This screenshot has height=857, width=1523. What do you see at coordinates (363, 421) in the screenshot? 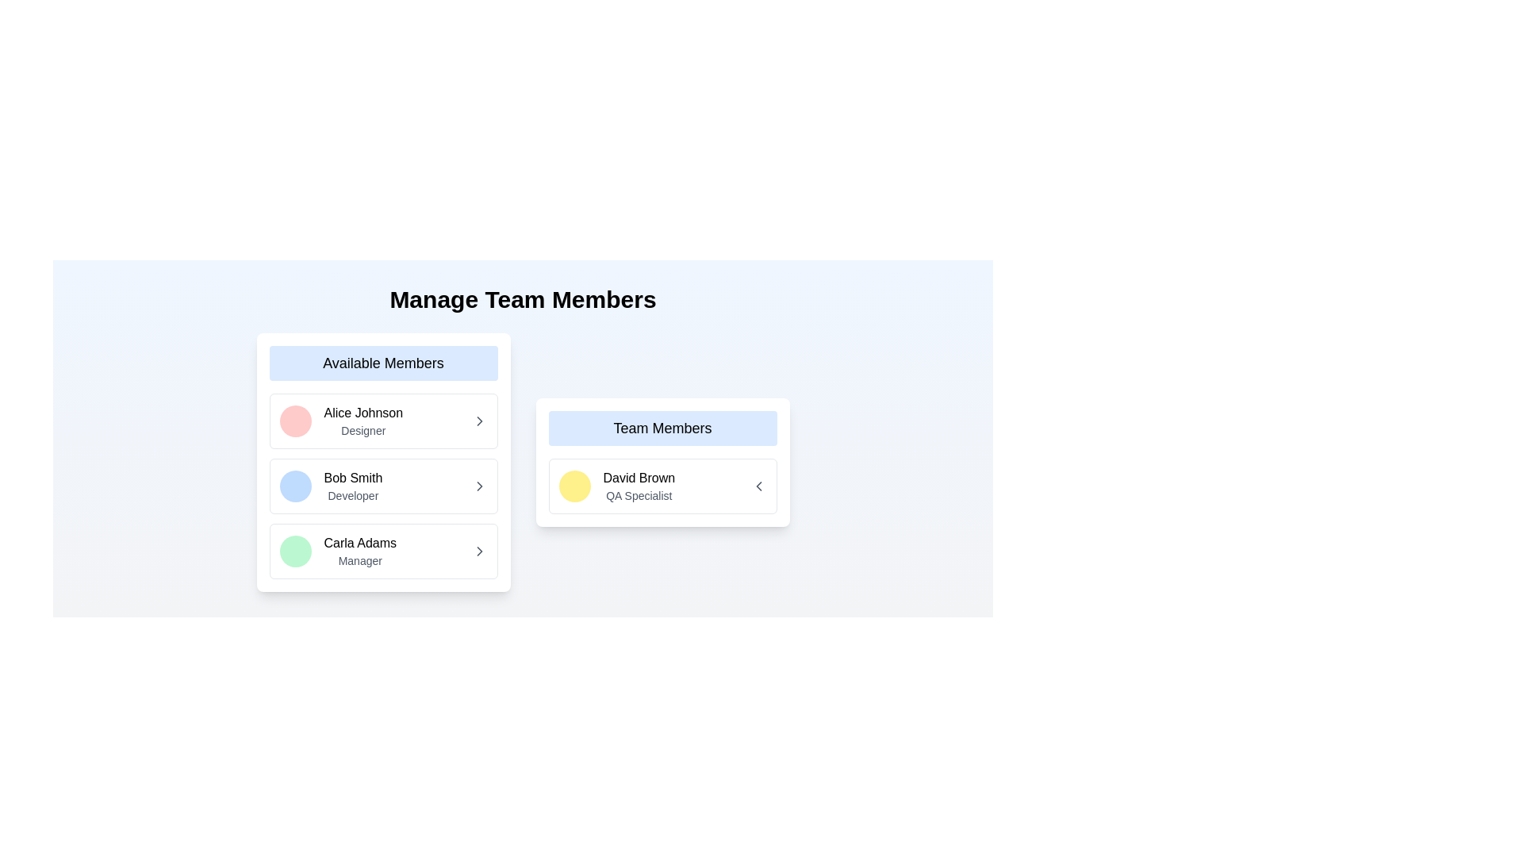
I see `to select the text block displaying 'Alice Johnson Designer', which is the first item in the list of 'Available Members'` at bounding box center [363, 421].